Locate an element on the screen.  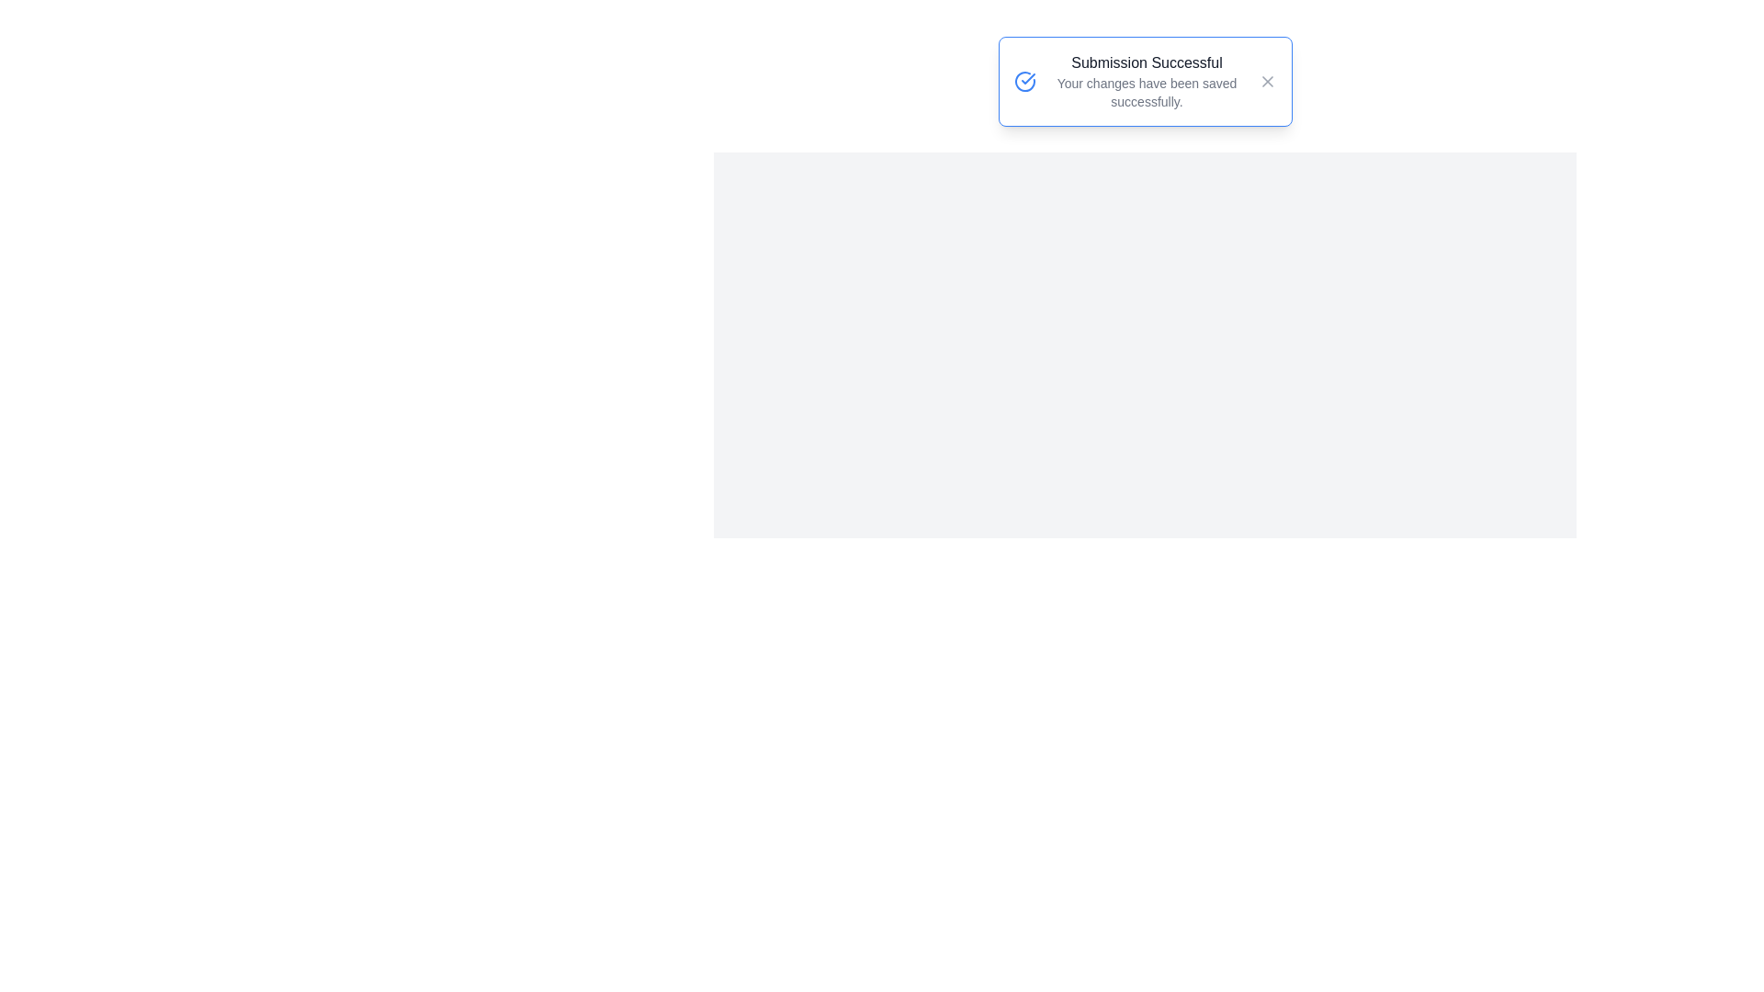
the close button to dismiss the notification is located at coordinates (1266, 80).